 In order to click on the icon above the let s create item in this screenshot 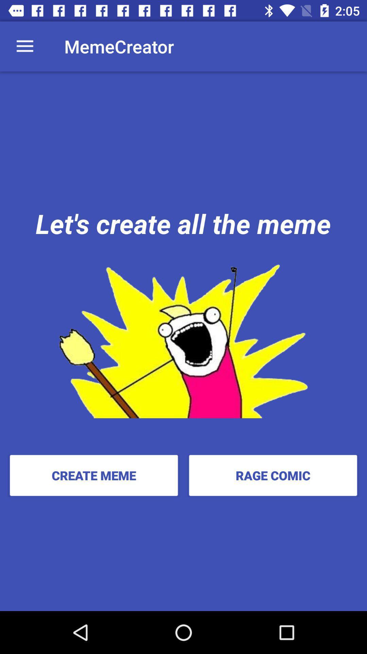, I will do `click(24, 46)`.